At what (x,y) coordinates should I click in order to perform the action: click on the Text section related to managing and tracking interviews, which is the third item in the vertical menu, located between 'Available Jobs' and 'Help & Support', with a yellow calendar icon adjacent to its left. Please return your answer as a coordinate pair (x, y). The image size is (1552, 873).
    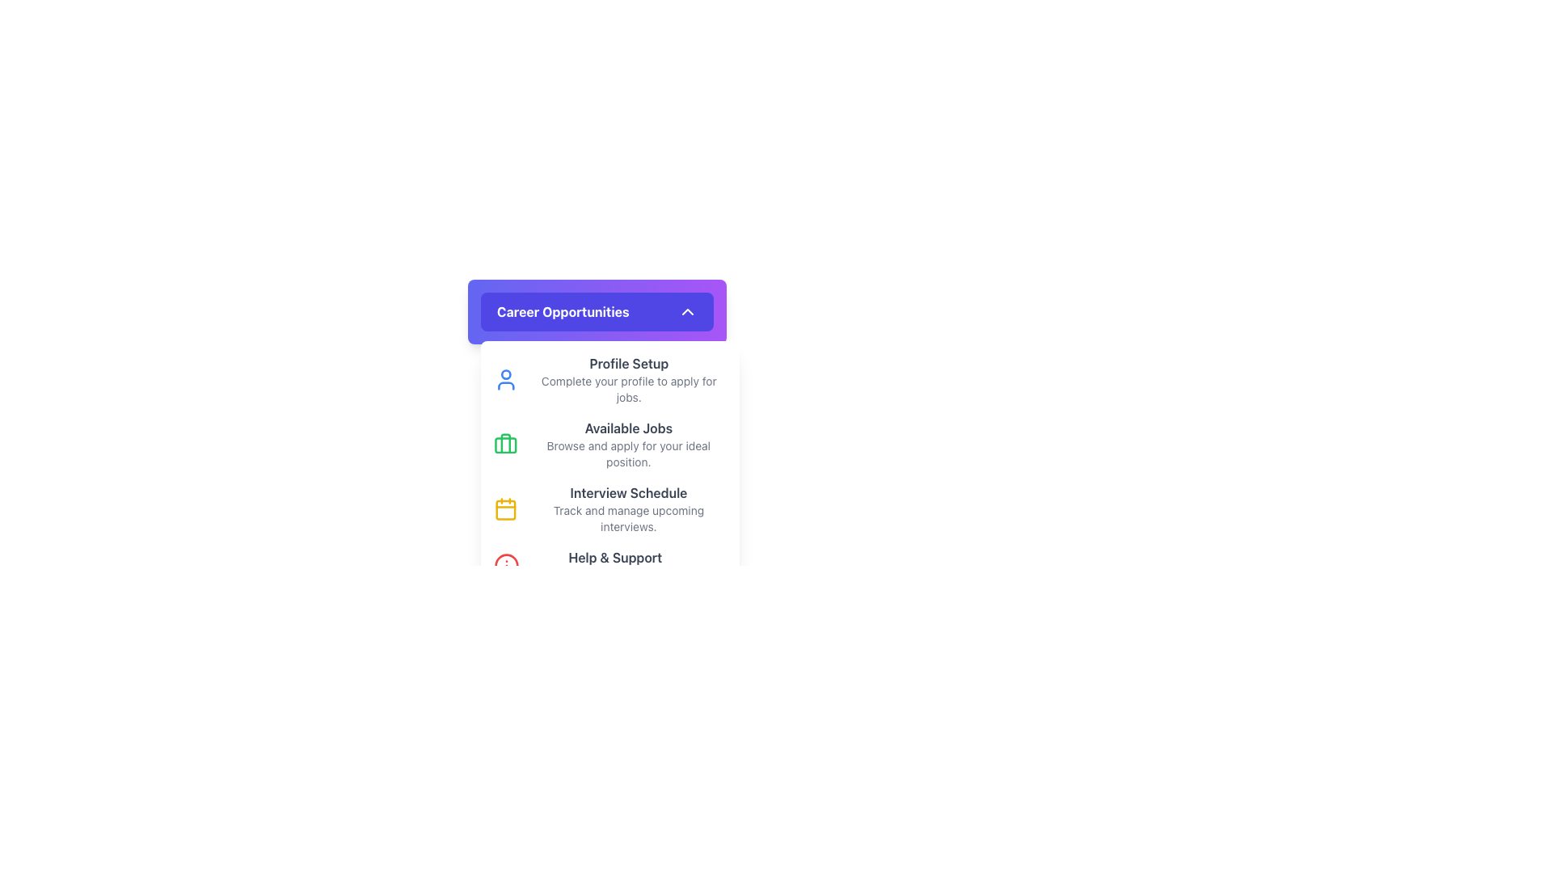
    Looking at the image, I should click on (627, 508).